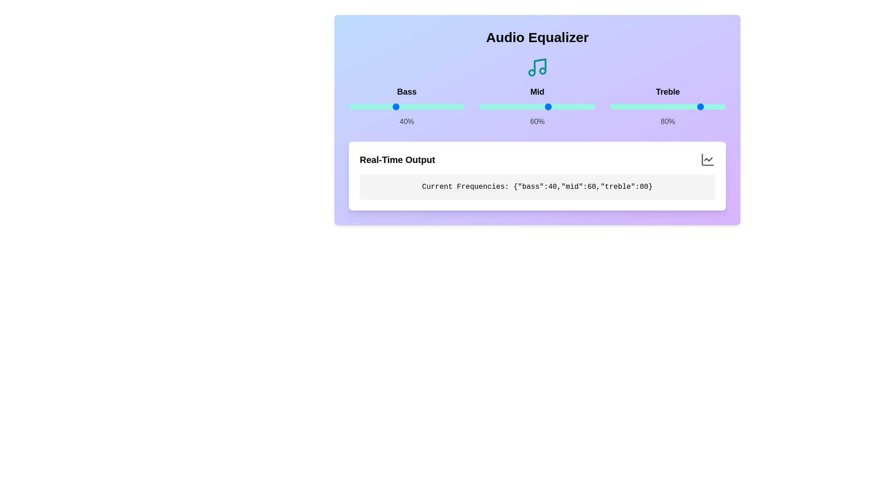 The image size is (870, 489). Describe the element at coordinates (486, 106) in the screenshot. I see `the 'Mid' frequency level` at that location.